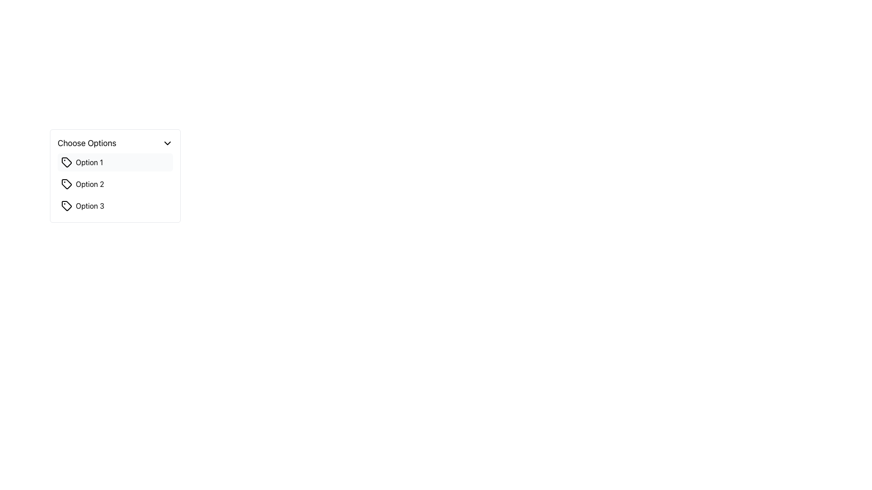  Describe the element at coordinates (66, 206) in the screenshot. I see `the decorative icon representing the tag or label symbol for the third dropdown option labeled 'Option 3' in the dropdown menu` at that location.